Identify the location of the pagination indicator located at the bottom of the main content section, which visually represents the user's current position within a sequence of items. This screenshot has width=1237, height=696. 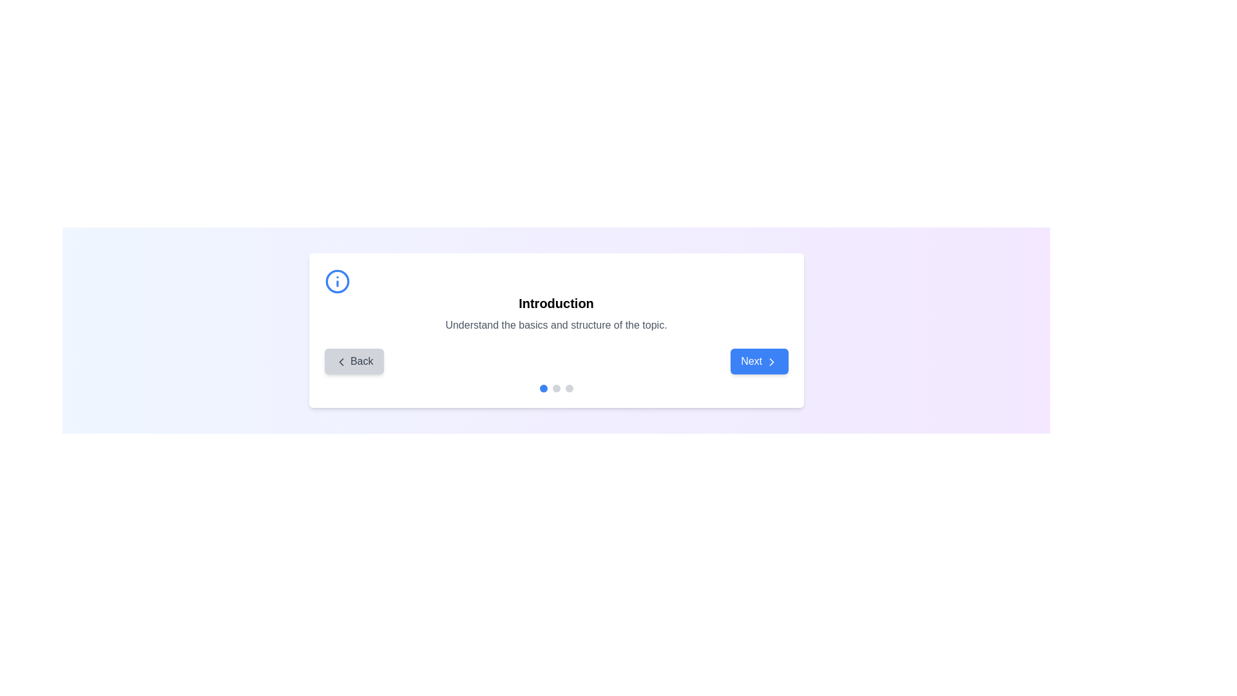
(556, 387).